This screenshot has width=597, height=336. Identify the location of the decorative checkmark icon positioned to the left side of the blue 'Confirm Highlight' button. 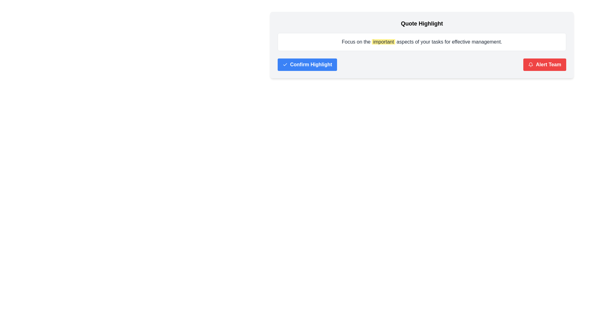
(285, 65).